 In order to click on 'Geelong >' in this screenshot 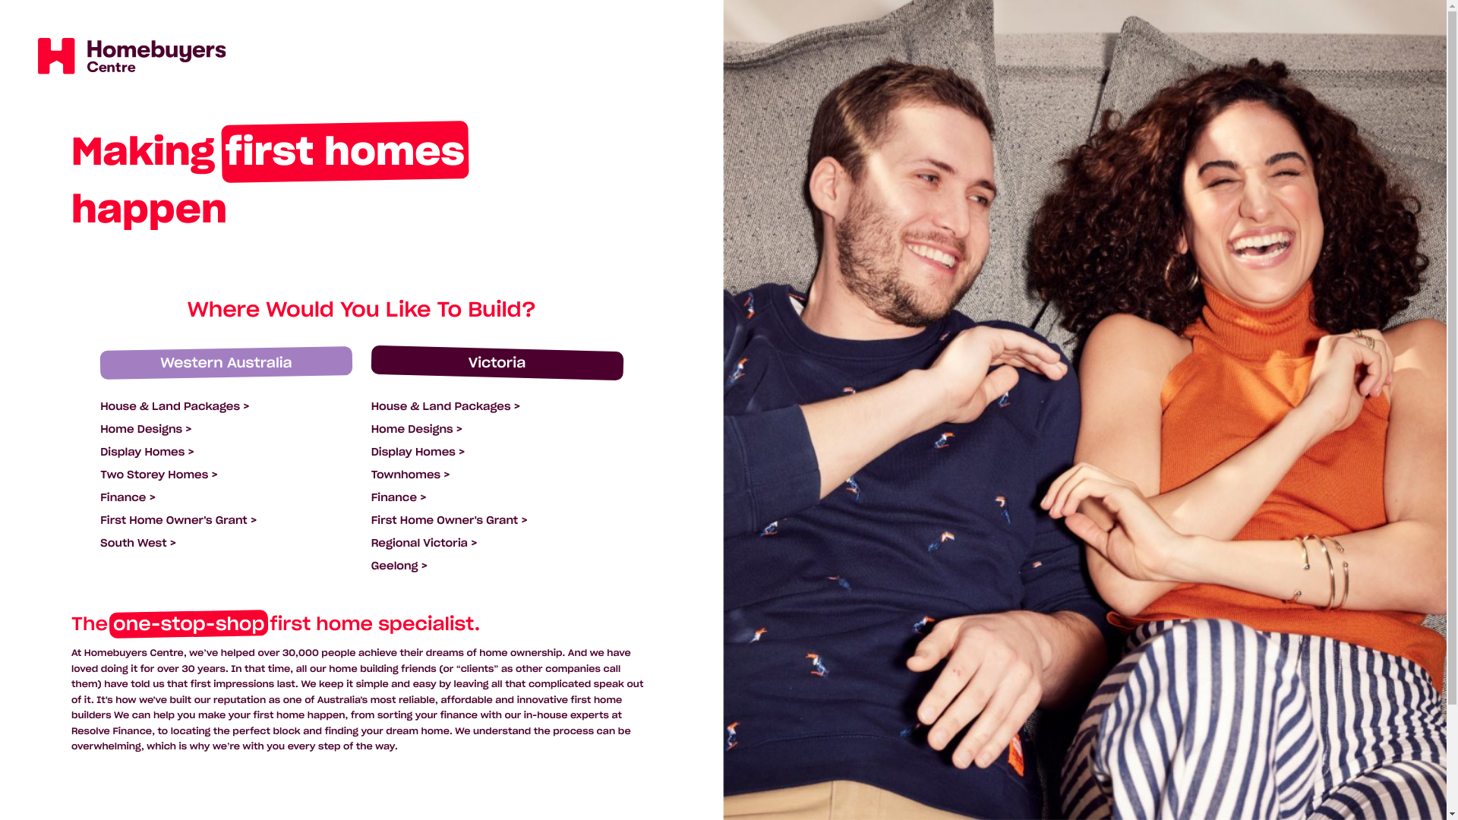, I will do `click(399, 565)`.